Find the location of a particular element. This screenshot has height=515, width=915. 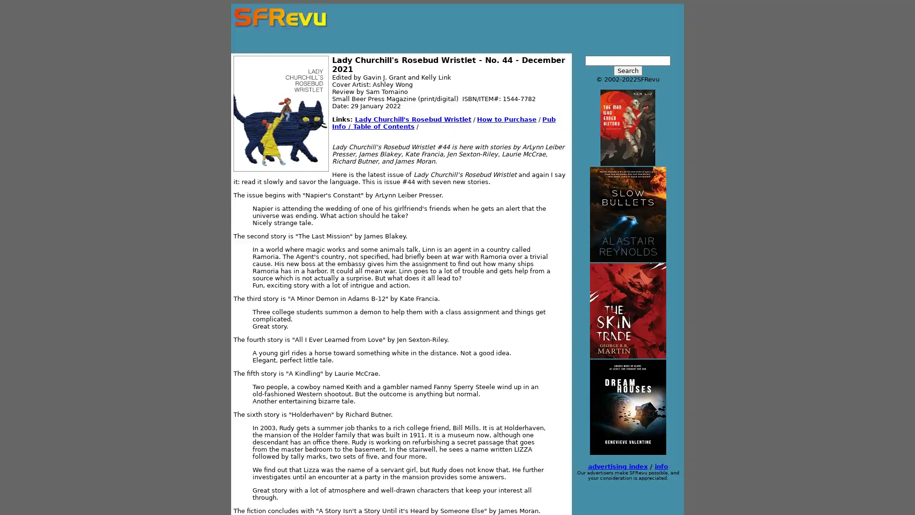

Search is located at coordinates (627, 70).